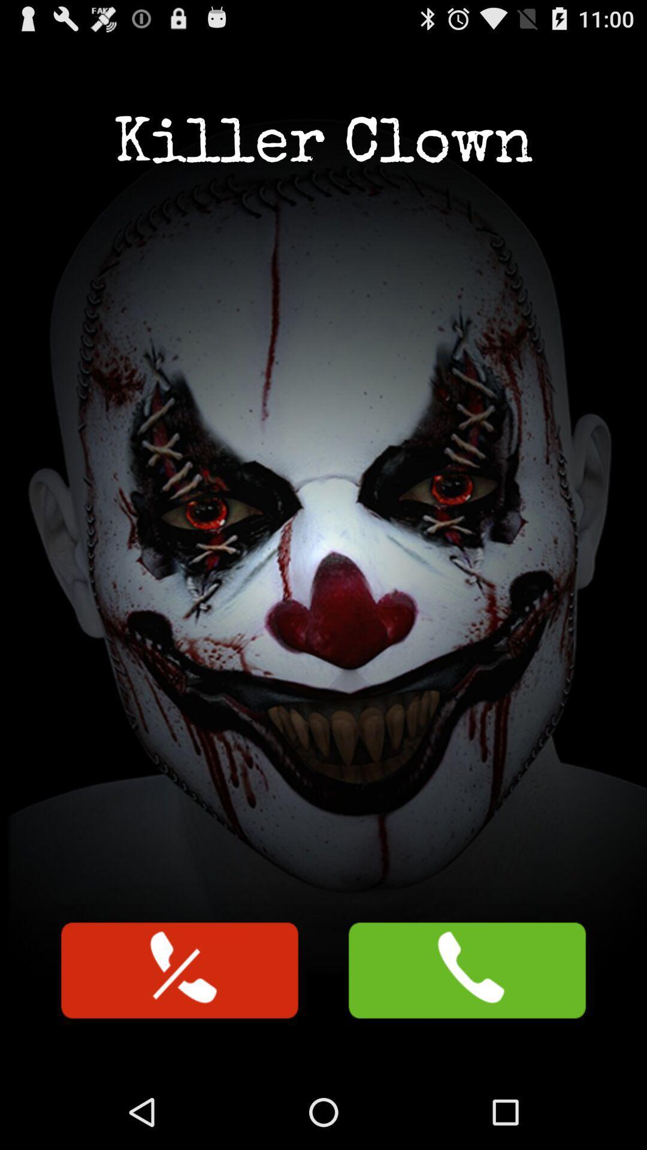 The height and width of the screenshot is (1150, 647). Describe the element at coordinates (180, 970) in the screenshot. I see `phone` at that location.